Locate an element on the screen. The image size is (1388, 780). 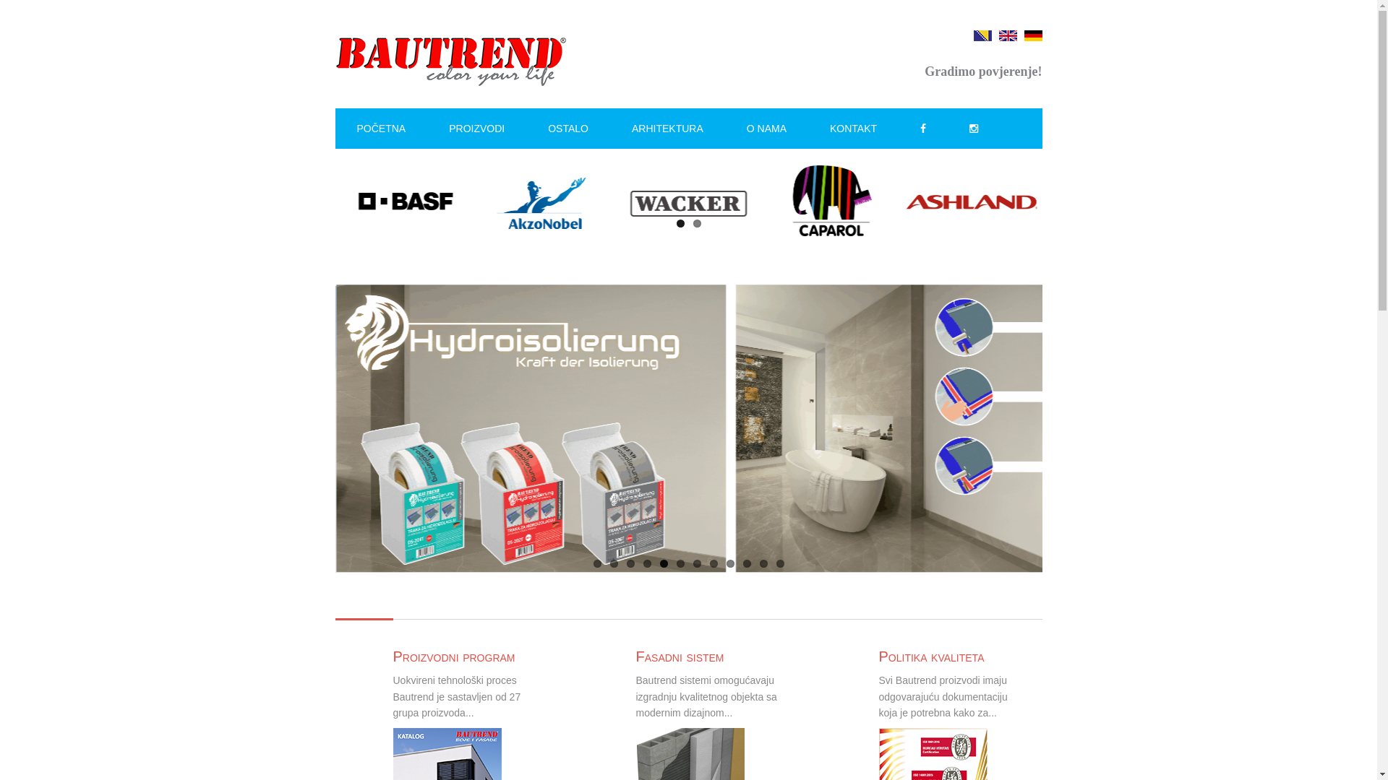
'12' is located at coordinates (779, 563).